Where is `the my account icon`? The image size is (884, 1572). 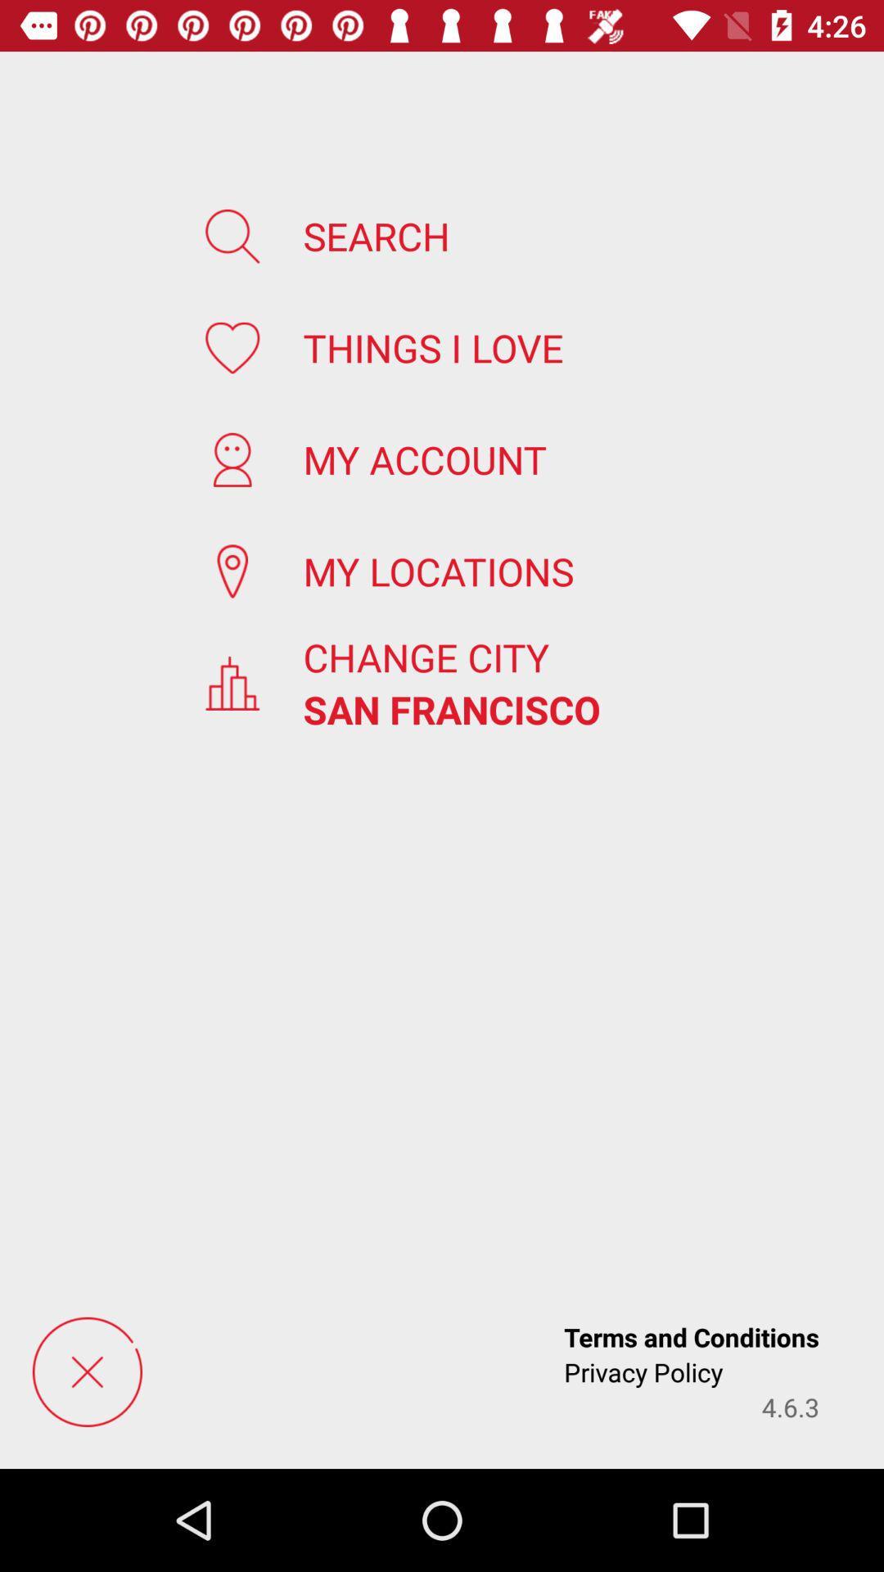
the my account icon is located at coordinates (424, 458).